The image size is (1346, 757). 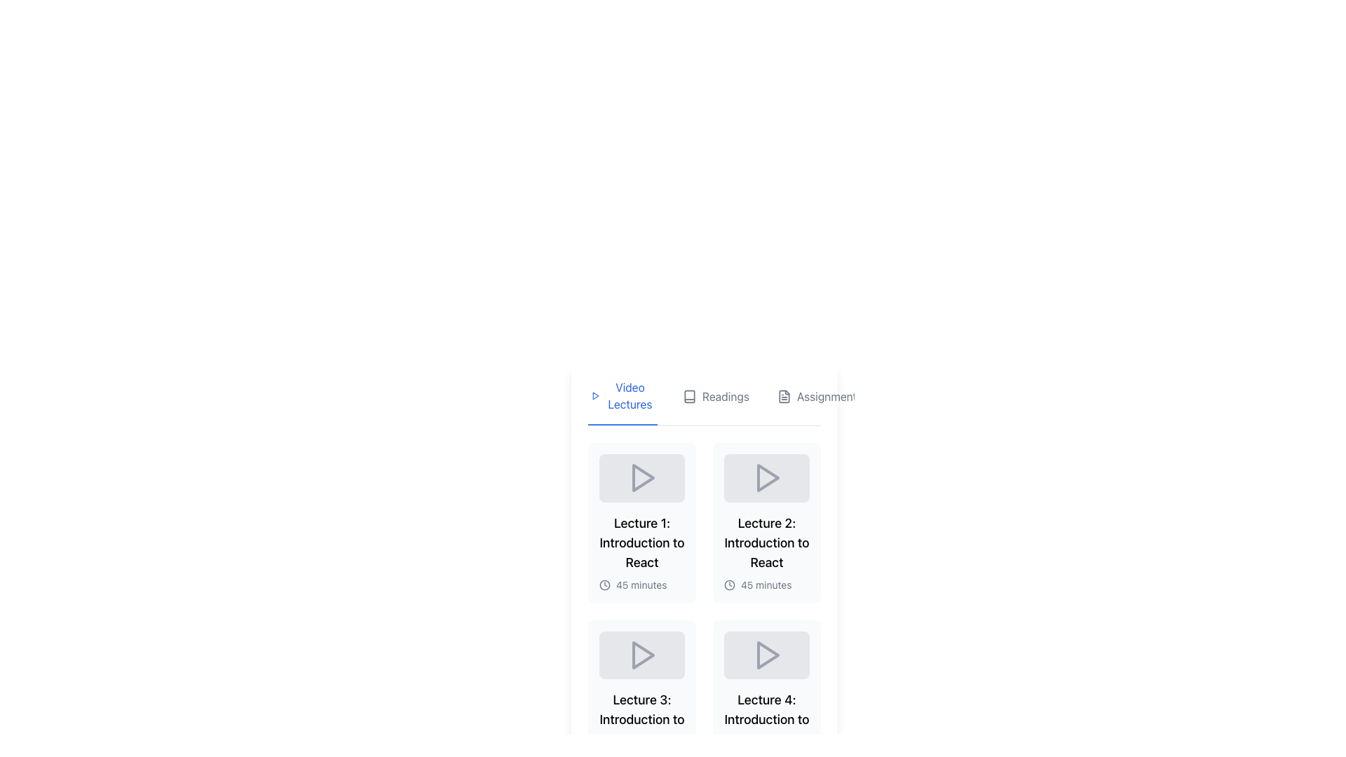 I want to click on the icon representing a document with text, which is located to the left of the 'Assignments' text, so click(x=783, y=397).